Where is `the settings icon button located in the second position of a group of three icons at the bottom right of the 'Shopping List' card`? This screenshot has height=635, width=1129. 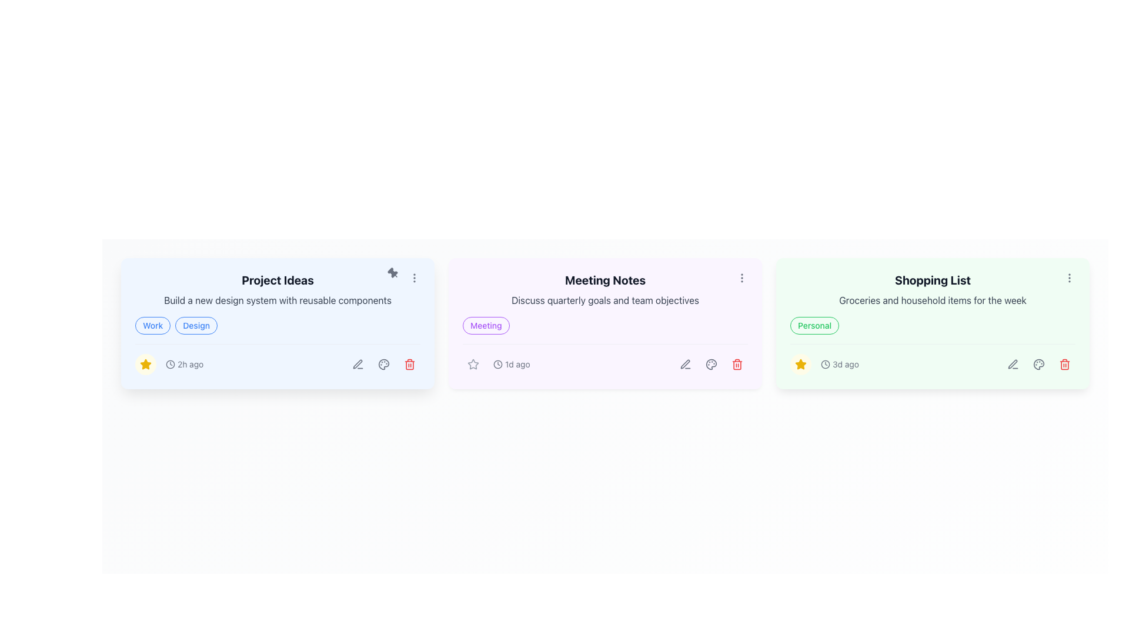 the settings icon button located in the second position of a group of three icons at the bottom right of the 'Shopping List' card is located at coordinates (1038, 364).